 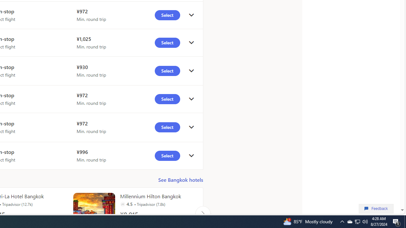 I want to click on 'click to get details', so click(x=191, y=155).